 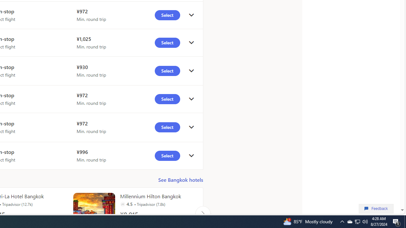 I want to click on 'click to get details', so click(x=191, y=155).